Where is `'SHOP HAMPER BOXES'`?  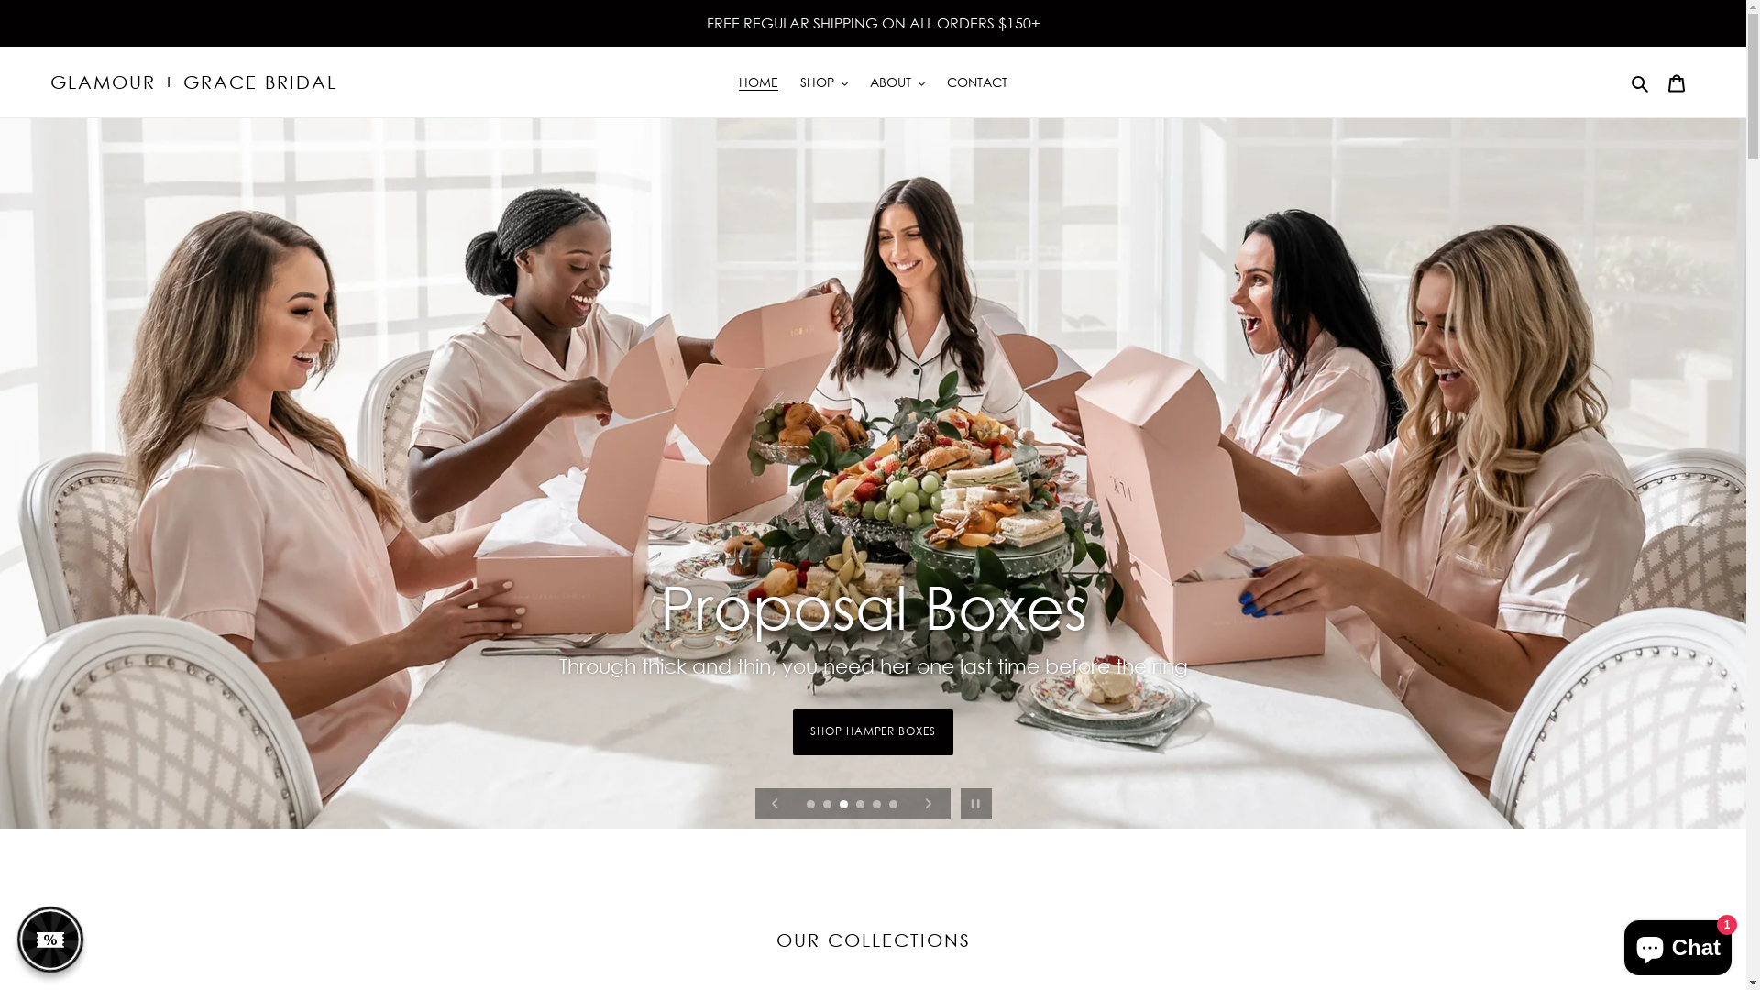 'SHOP HAMPER BOXES' is located at coordinates (872, 750).